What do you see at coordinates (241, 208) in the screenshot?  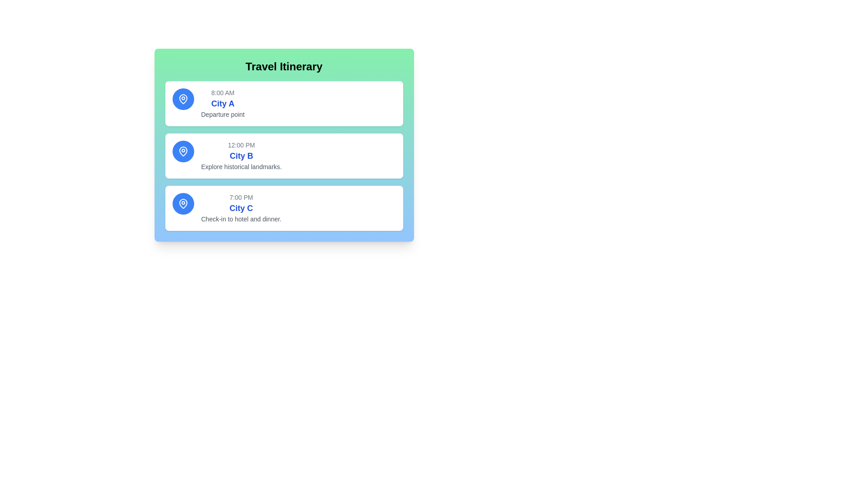 I see `the text label displaying 'City C' in bold blue color, located in the third itinerary card, positioned below '7:00 PM' and above 'Check-in to hotel and dinner'` at bounding box center [241, 208].